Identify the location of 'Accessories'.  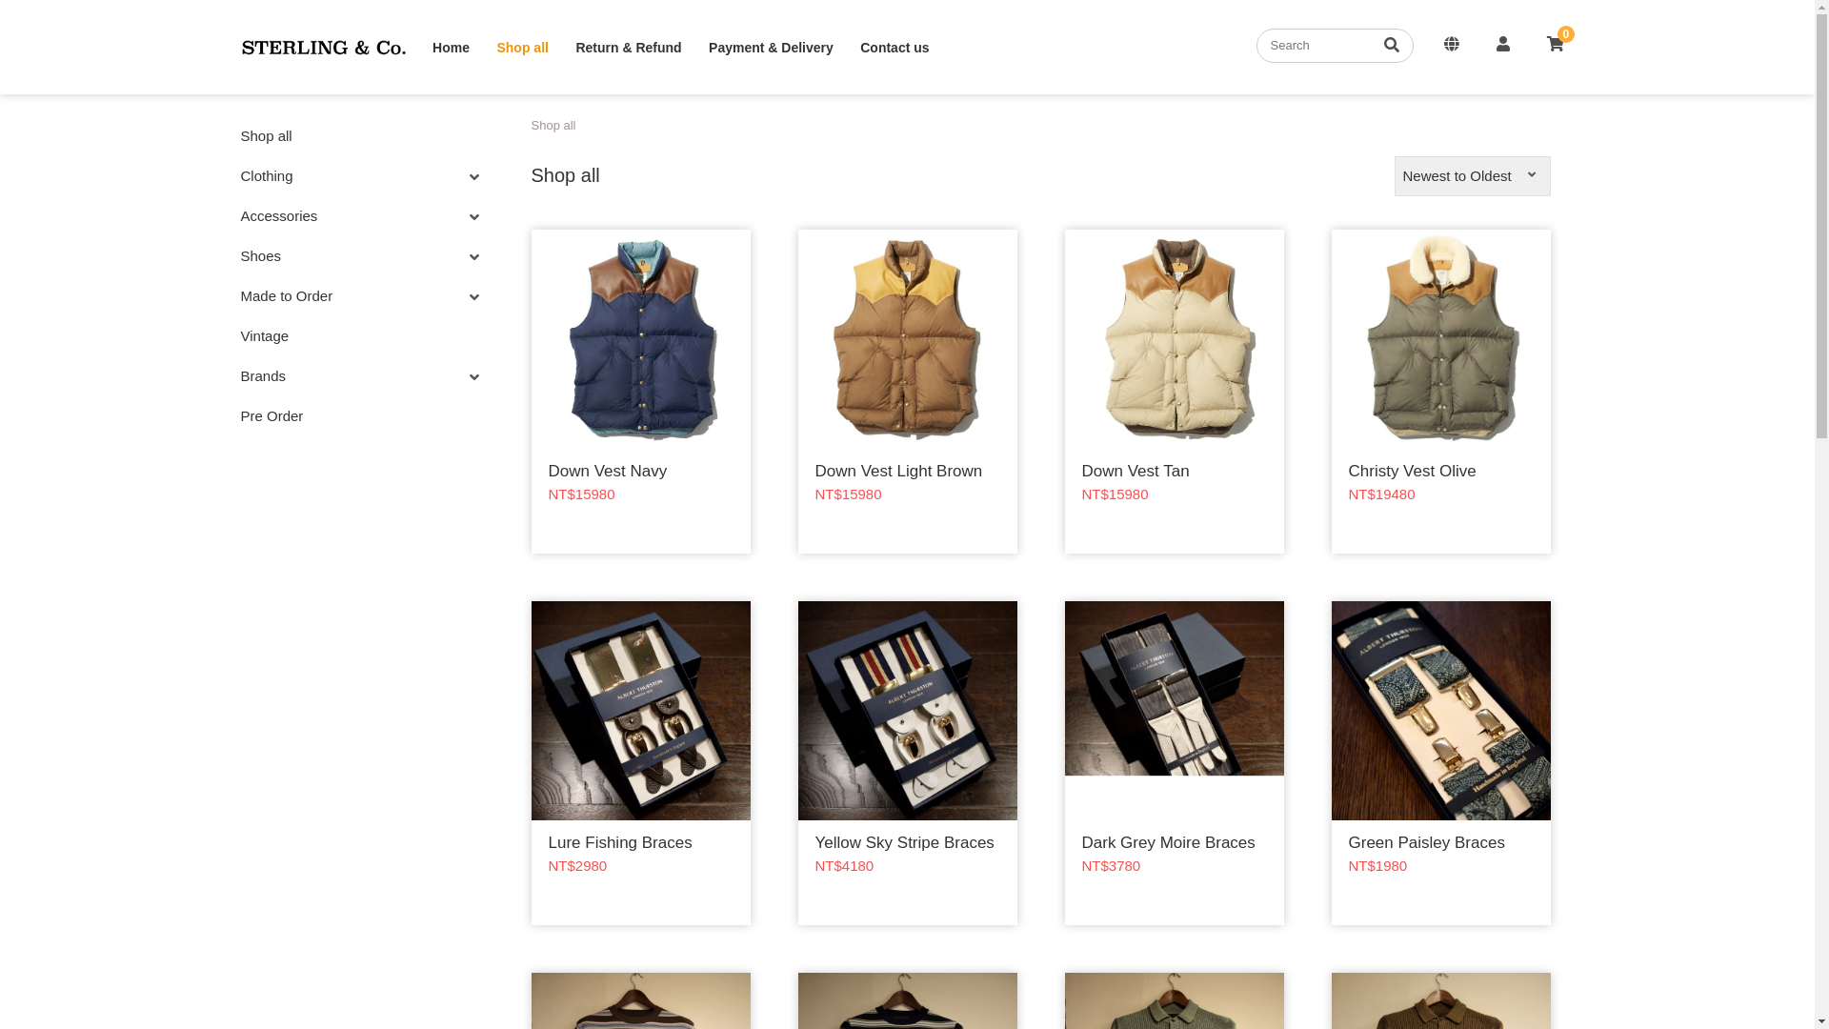
(277, 214).